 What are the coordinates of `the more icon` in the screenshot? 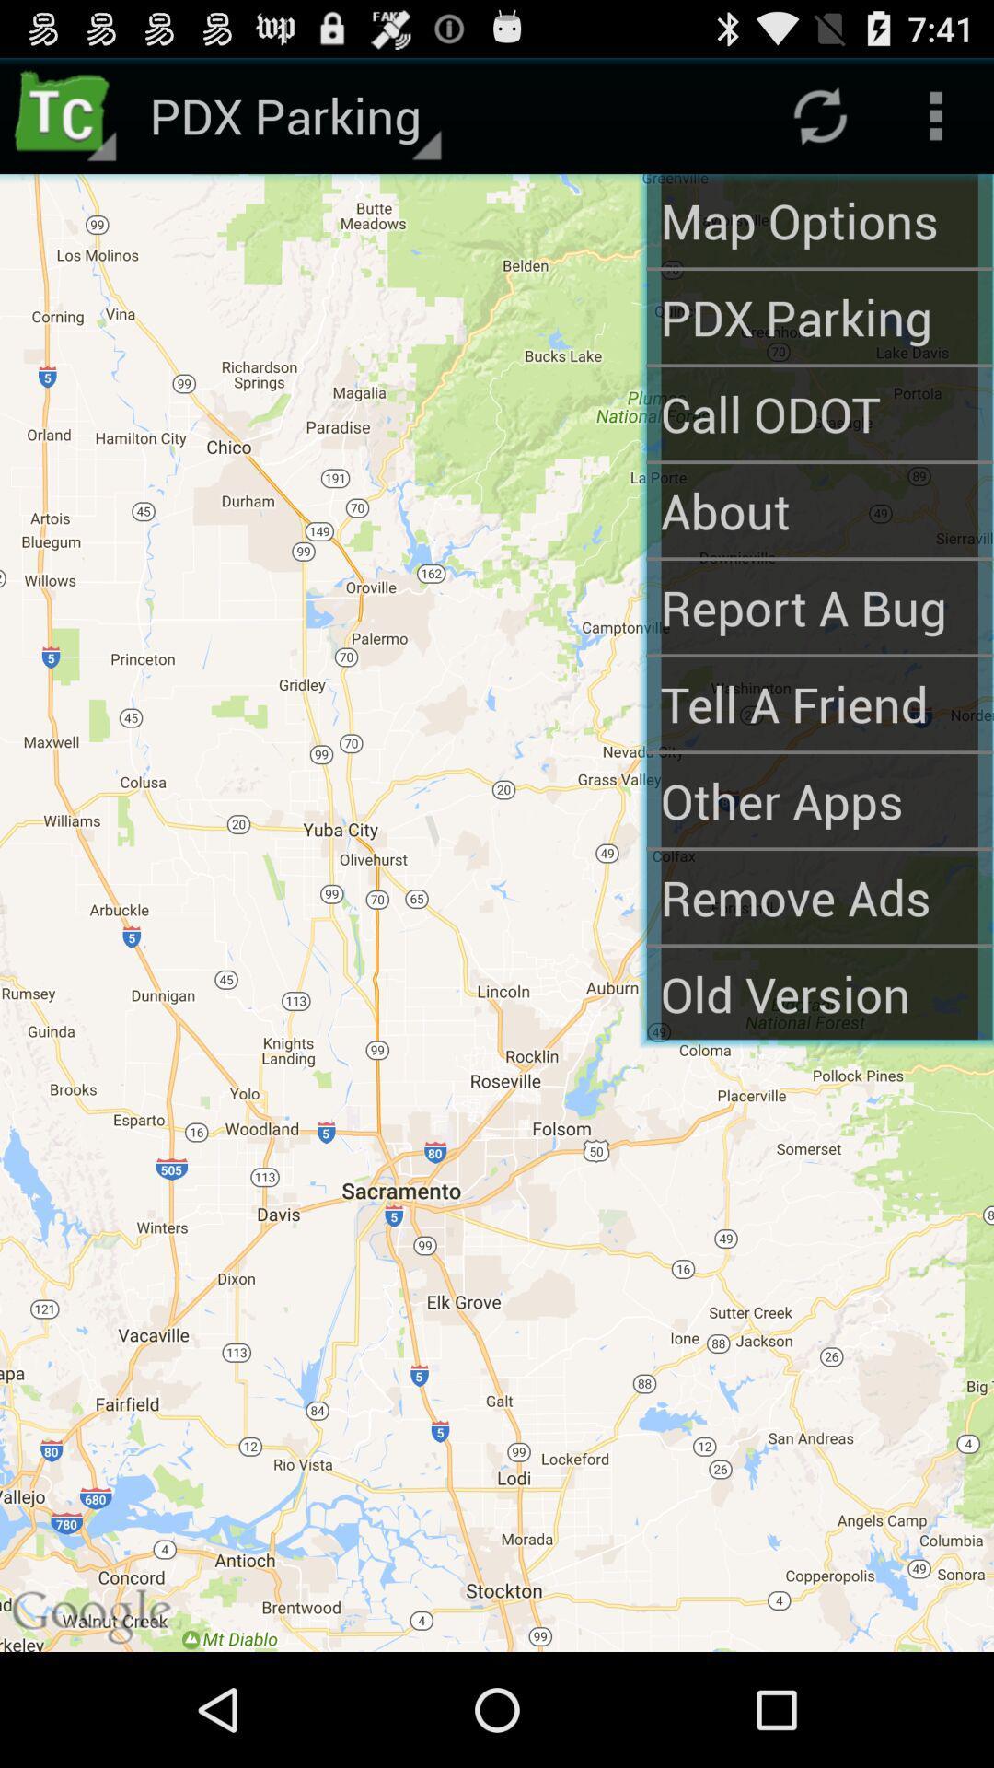 It's located at (936, 122).